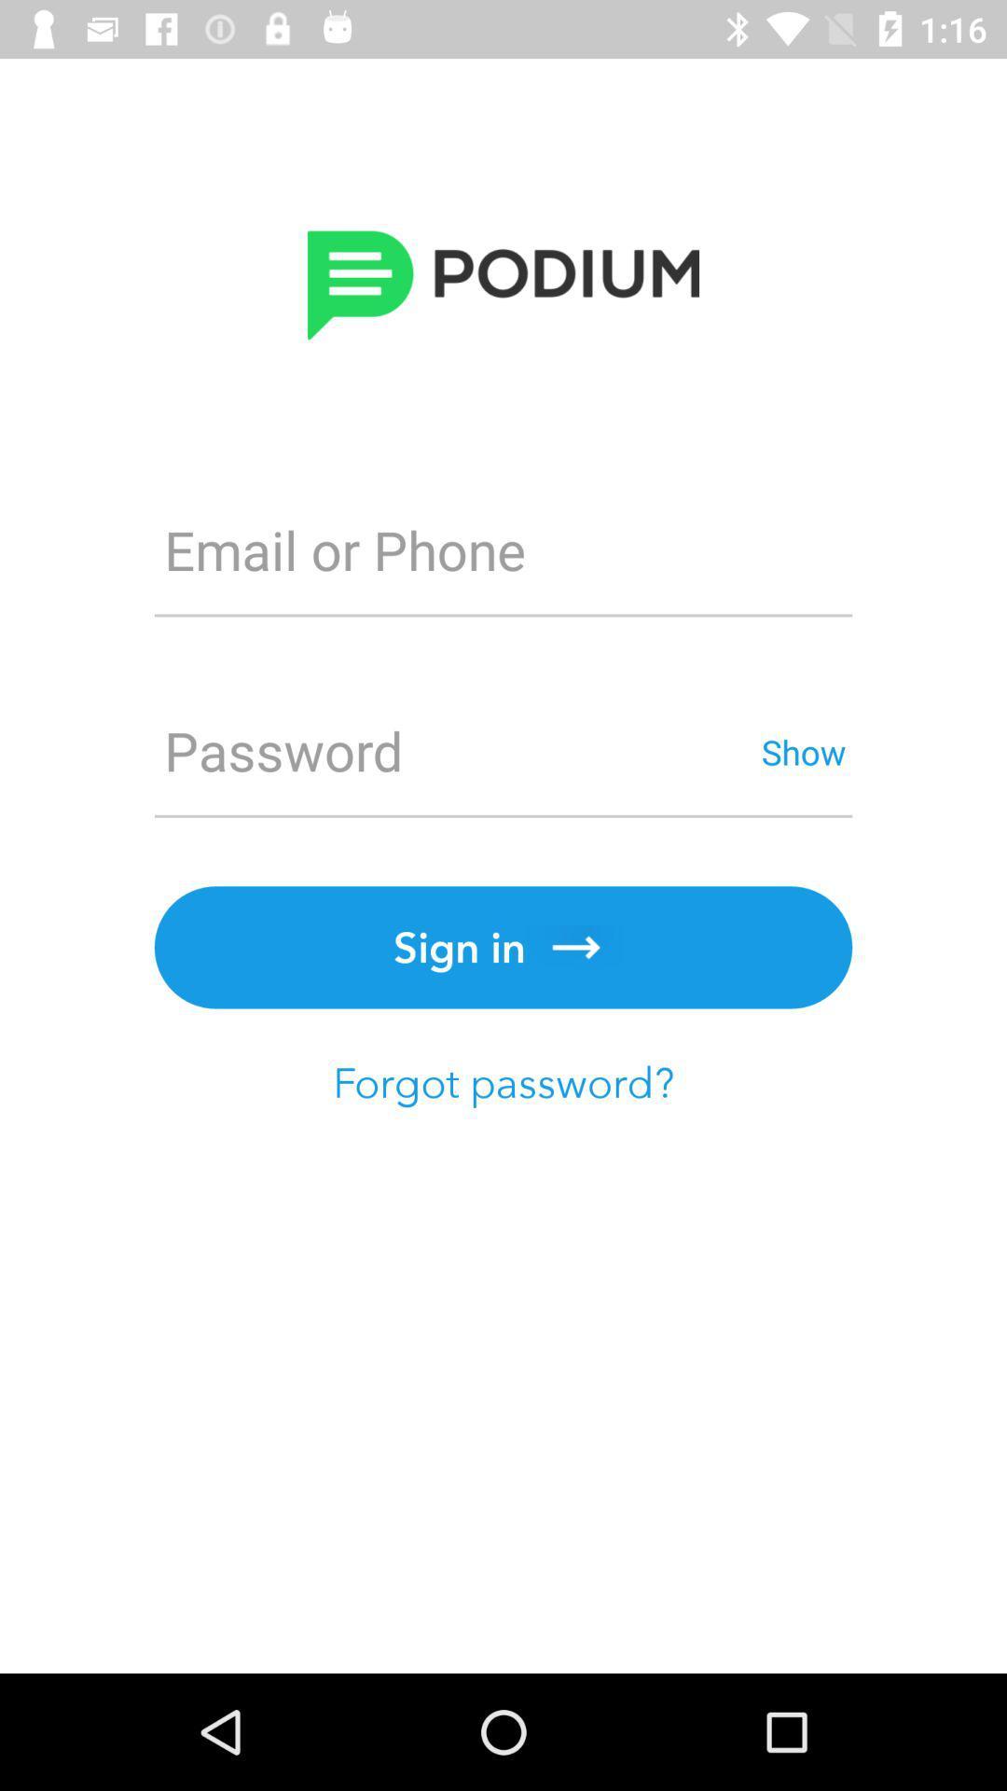 This screenshot has width=1007, height=1791. I want to click on icon to the left of the show item, so click(454, 751).